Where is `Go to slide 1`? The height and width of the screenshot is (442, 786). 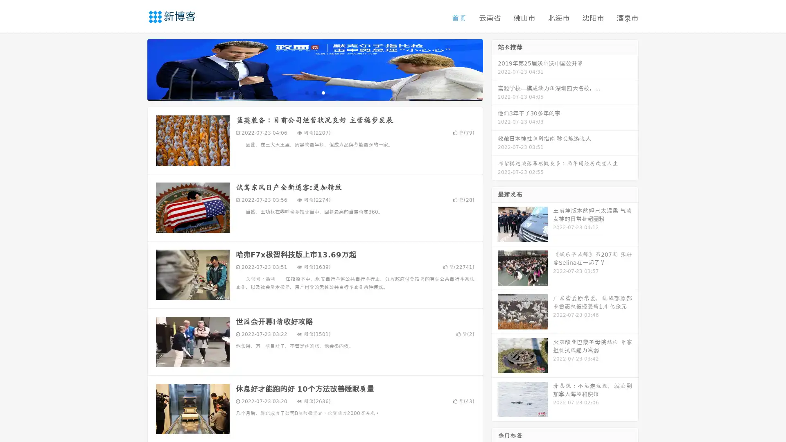 Go to slide 1 is located at coordinates (306, 92).